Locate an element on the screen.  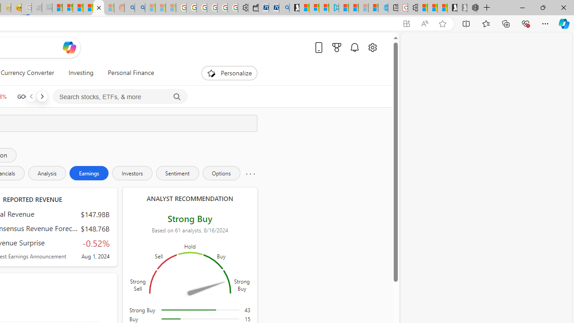
'Options' is located at coordinates (221, 173).